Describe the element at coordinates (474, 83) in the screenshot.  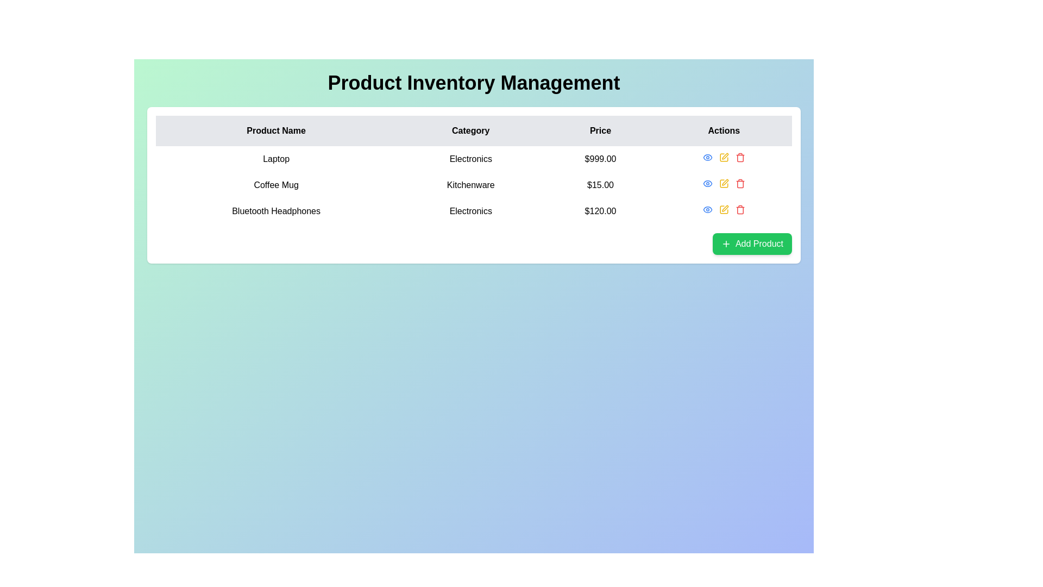
I see `the header text element displaying 'Product Inventory Management', which is bold and large, located at the top-center of the interface` at that location.